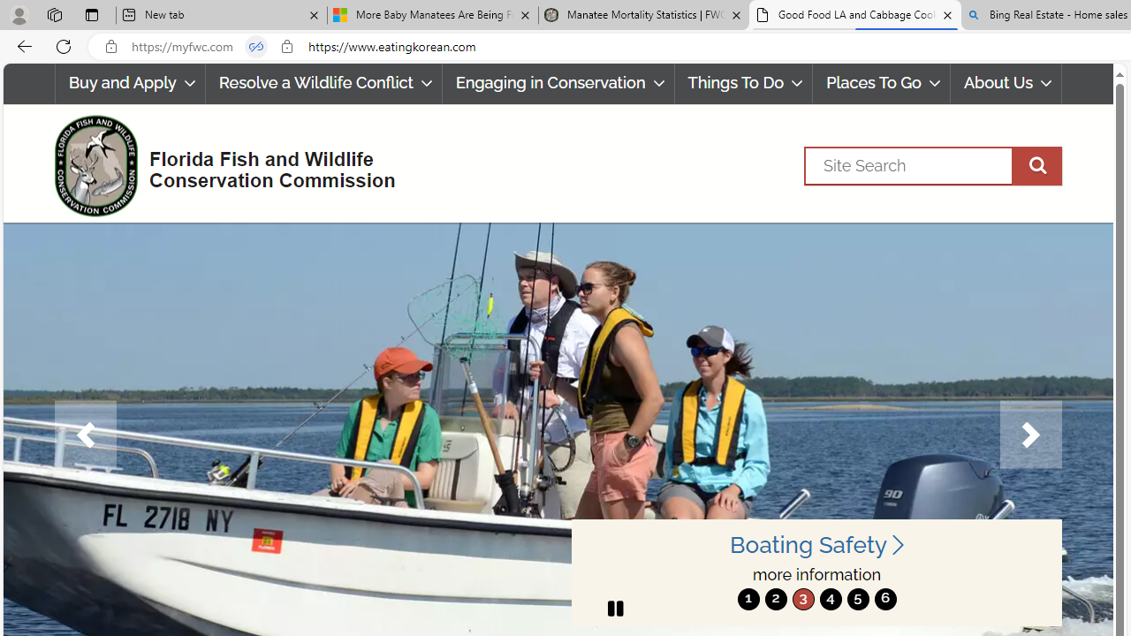 The image size is (1131, 636). I want to click on 'About Us', so click(1006, 83).